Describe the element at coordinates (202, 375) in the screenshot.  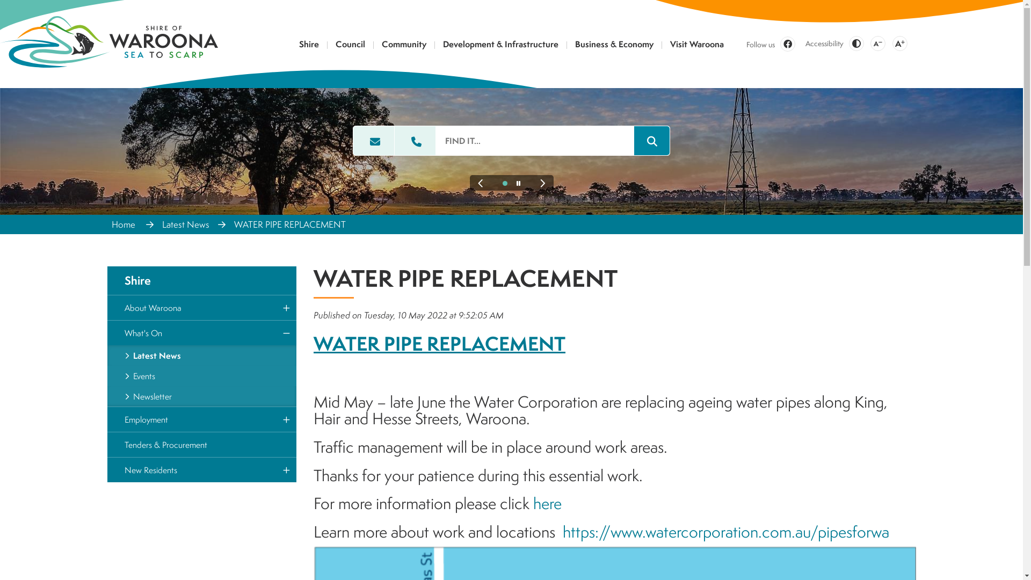
I see `'Events'` at that location.